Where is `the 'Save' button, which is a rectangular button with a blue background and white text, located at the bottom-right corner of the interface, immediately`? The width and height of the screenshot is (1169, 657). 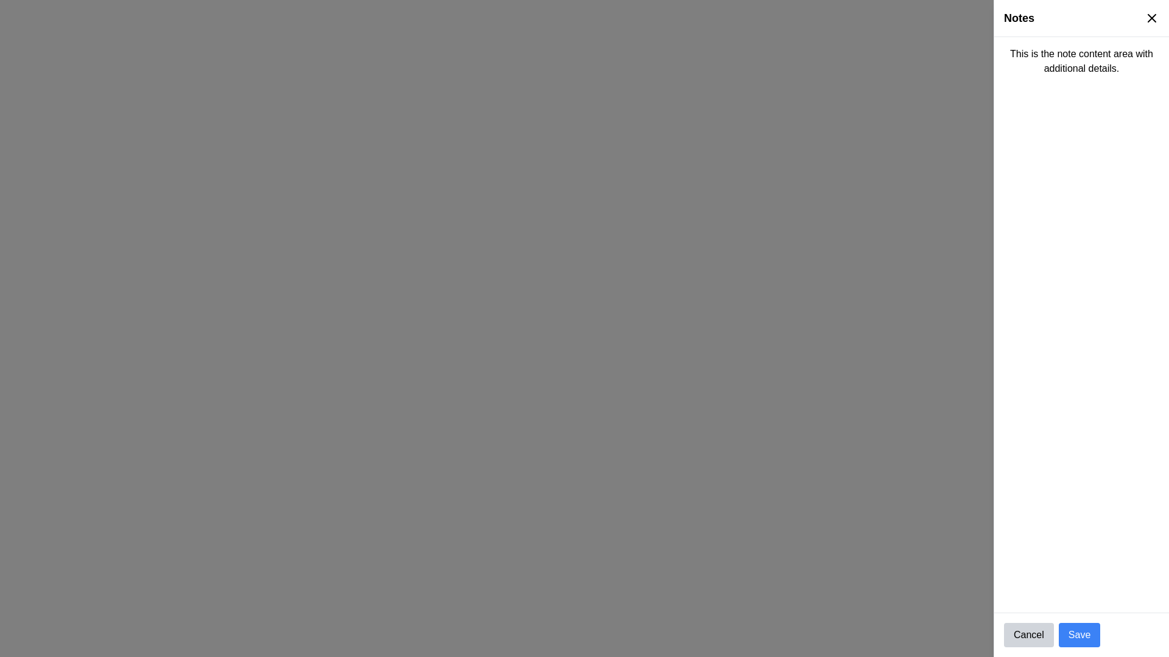
the 'Save' button, which is a rectangular button with a blue background and white text, located at the bottom-right corner of the interface, immediately is located at coordinates (1079, 634).